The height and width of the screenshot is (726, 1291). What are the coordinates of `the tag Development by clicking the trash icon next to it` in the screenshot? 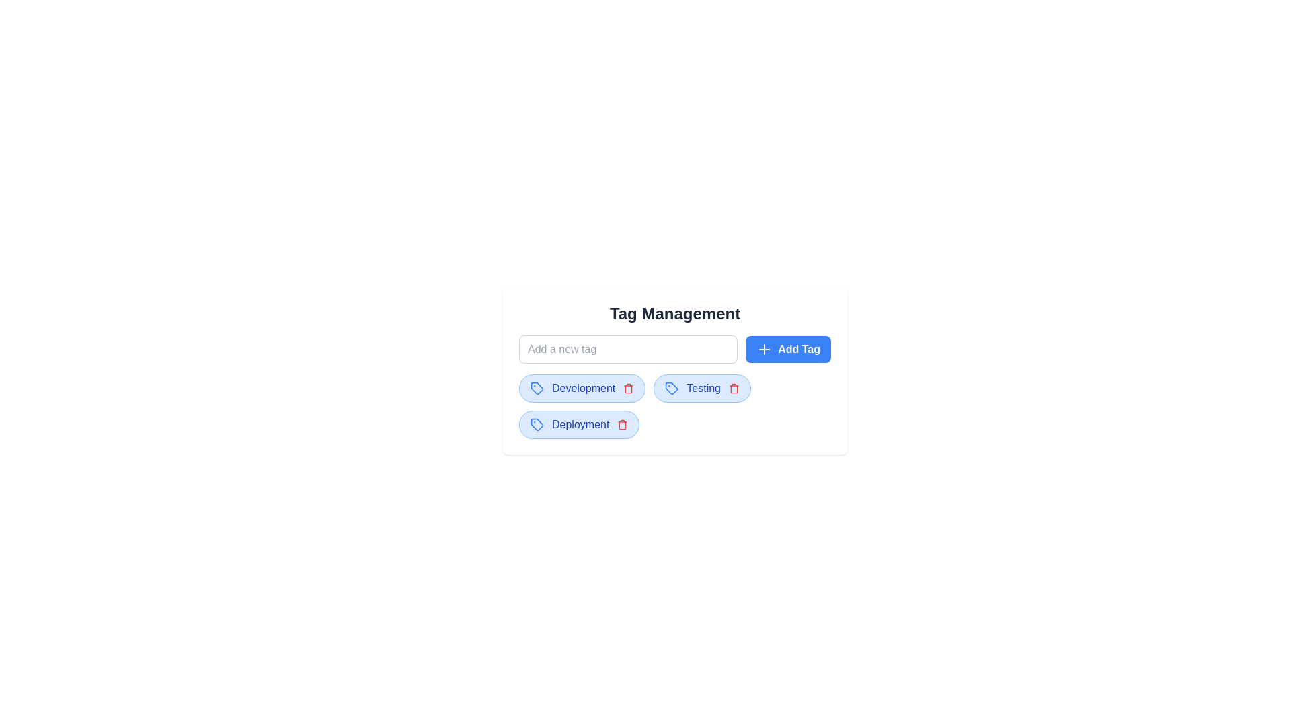 It's located at (628, 389).